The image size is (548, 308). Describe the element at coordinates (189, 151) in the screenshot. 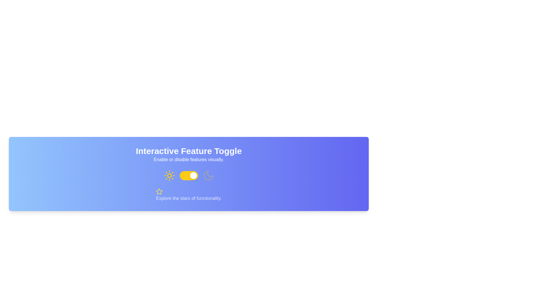

I see `the title or heading text element that introduces the section about an interactive feature toggle, positioned above the smaller text element` at that location.